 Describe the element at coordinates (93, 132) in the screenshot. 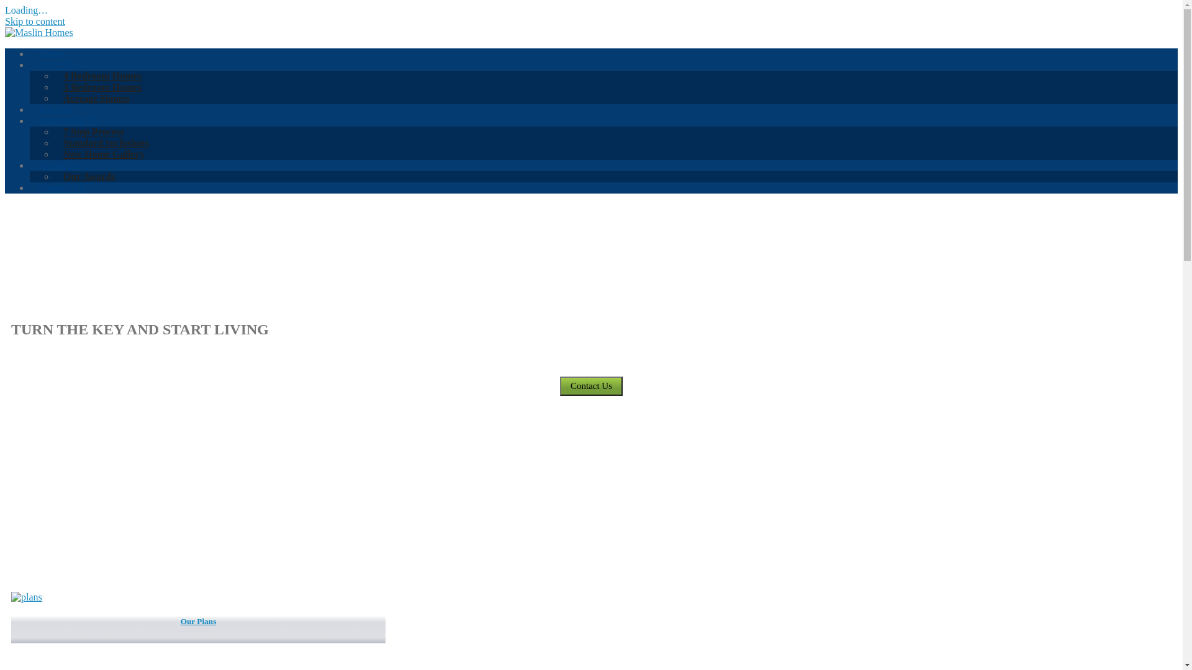

I see `'7 Step Process'` at that location.